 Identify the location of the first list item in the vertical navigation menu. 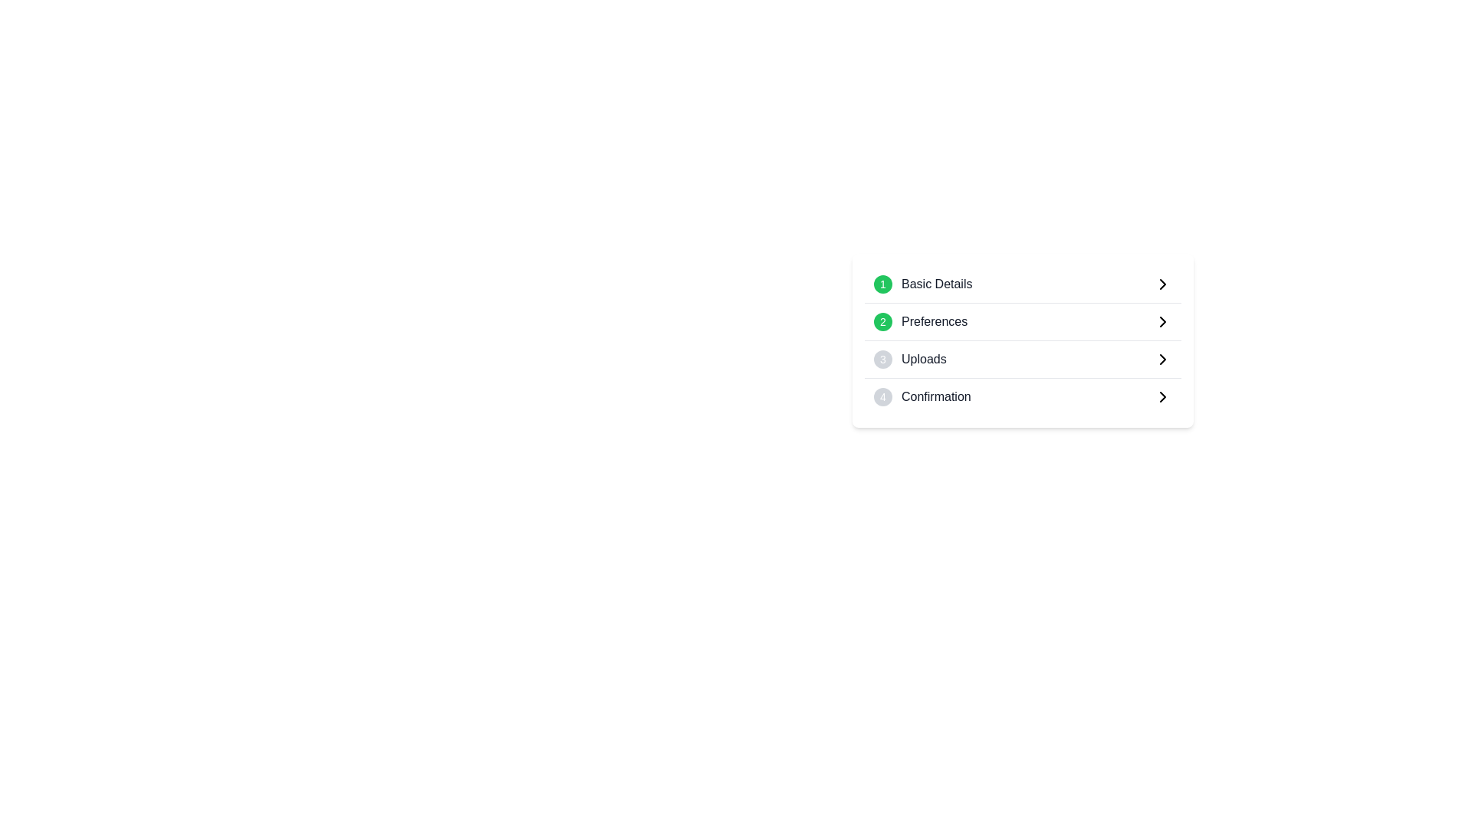
(1023, 284).